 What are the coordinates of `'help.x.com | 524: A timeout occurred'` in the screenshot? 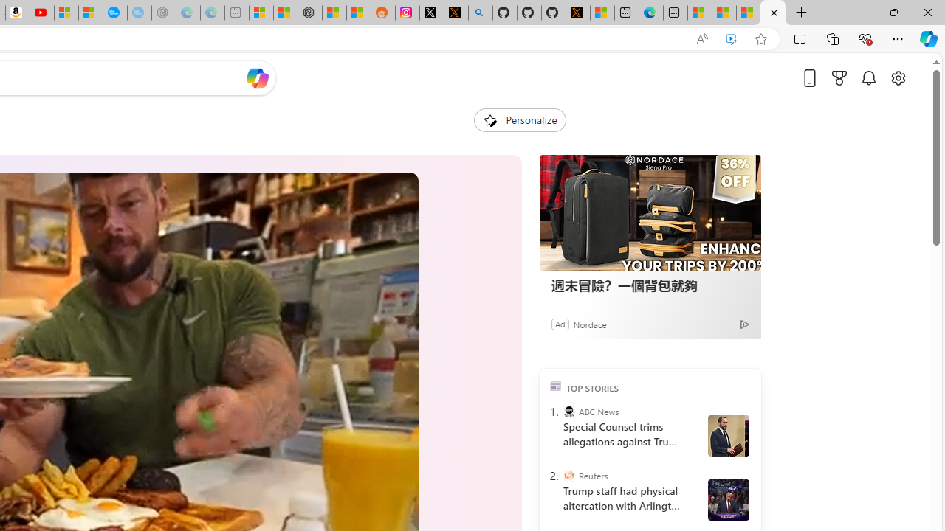 It's located at (455, 13).